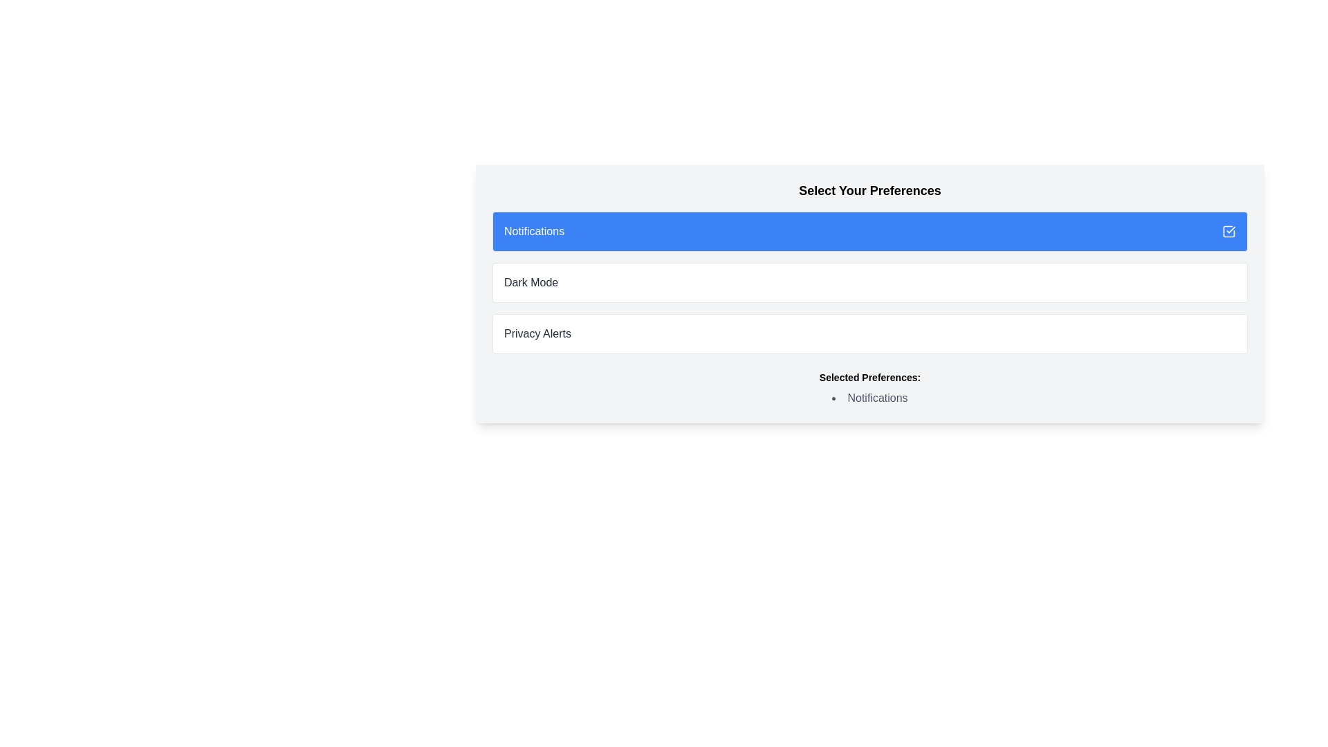  Describe the element at coordinates (869, 231) in the screenshot. I see `the first button in the vertical sequence` at that location.